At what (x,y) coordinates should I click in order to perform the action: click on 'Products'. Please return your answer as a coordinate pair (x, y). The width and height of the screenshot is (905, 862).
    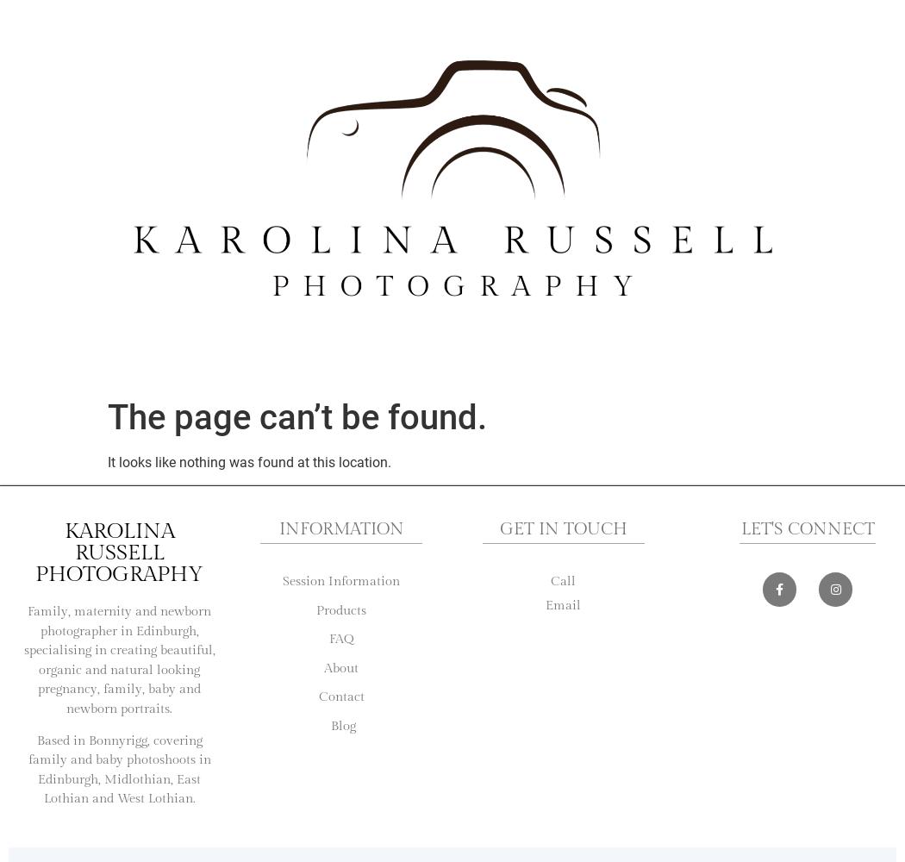
    Looking at the image, I should click on (340, 609).